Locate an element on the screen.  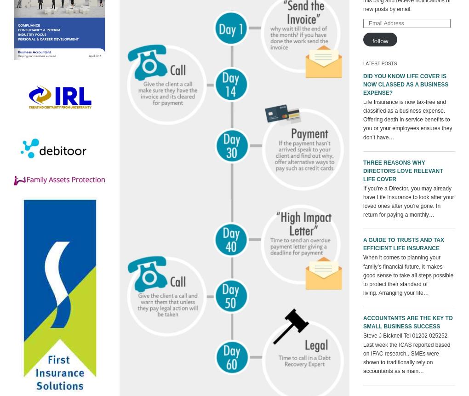
'Latest Posts' is located at coordinates (380, 63).